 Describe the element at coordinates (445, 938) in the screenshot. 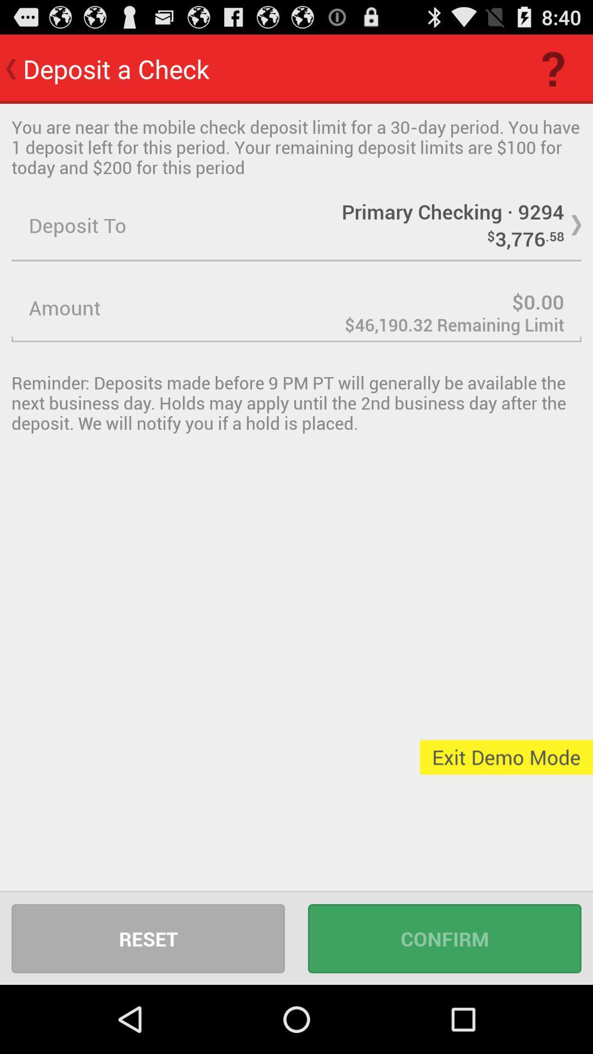

I see `the confirm item` at that location.